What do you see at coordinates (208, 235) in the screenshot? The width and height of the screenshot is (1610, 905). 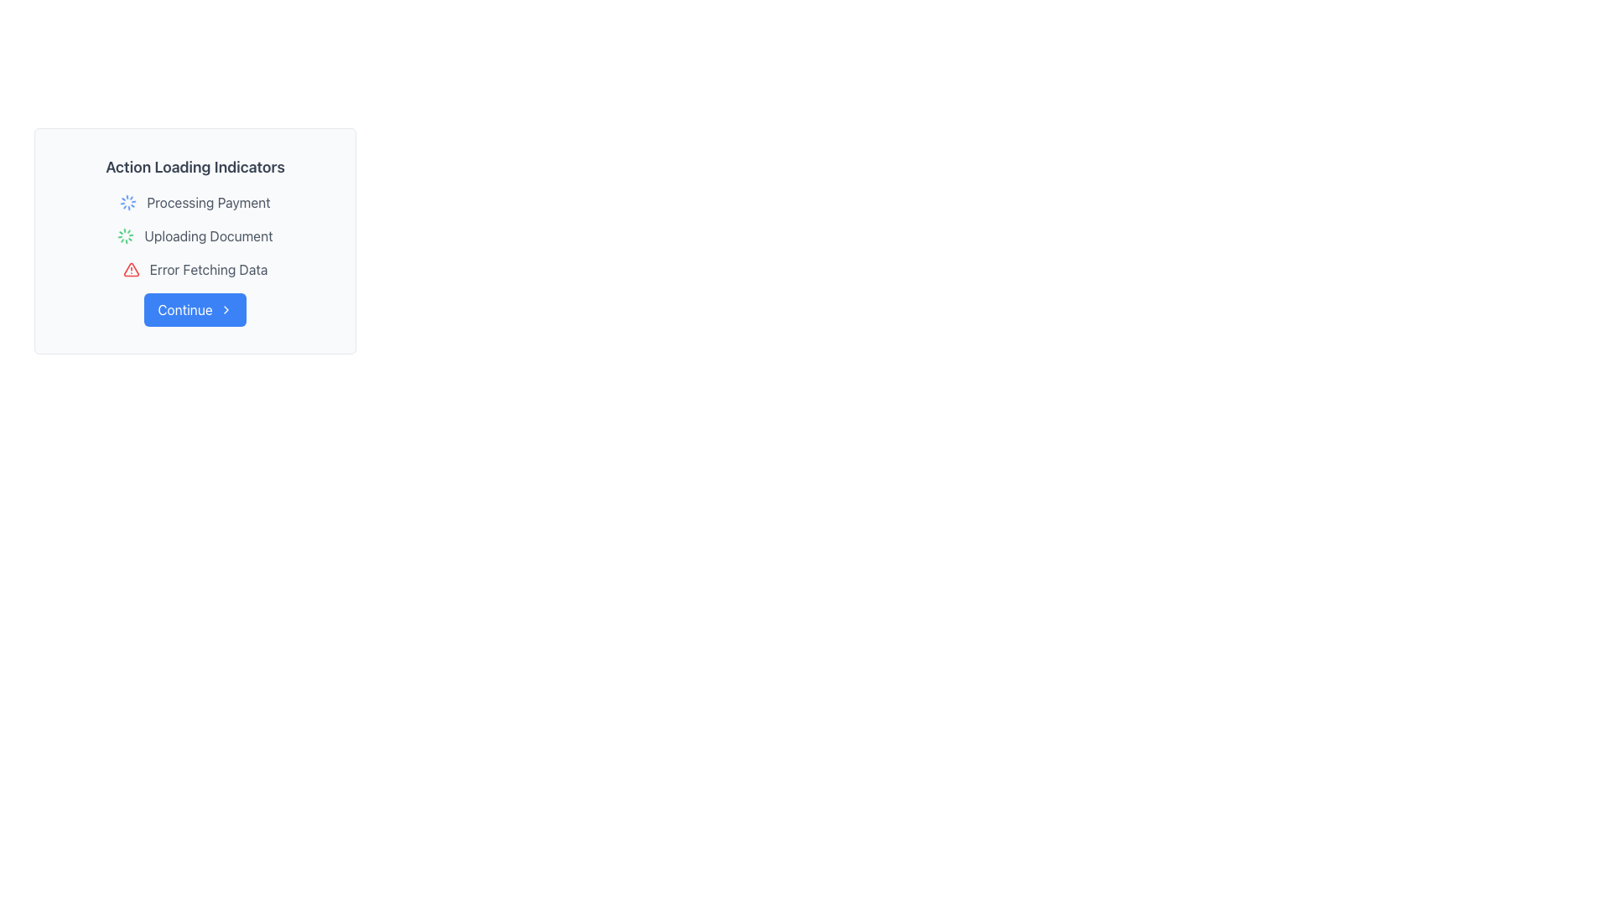 I see `the Text Label element displaying 'Uploading Document' which is part of the action states list in the 'Action Loading Indicators' box` at bounding box center [208, 235].